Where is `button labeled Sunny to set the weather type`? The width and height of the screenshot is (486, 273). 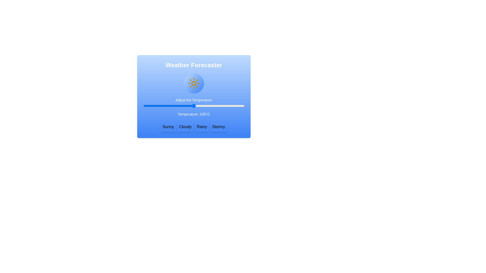 button labeled Sunny to set the weather type is located at coordinates (168, 126).